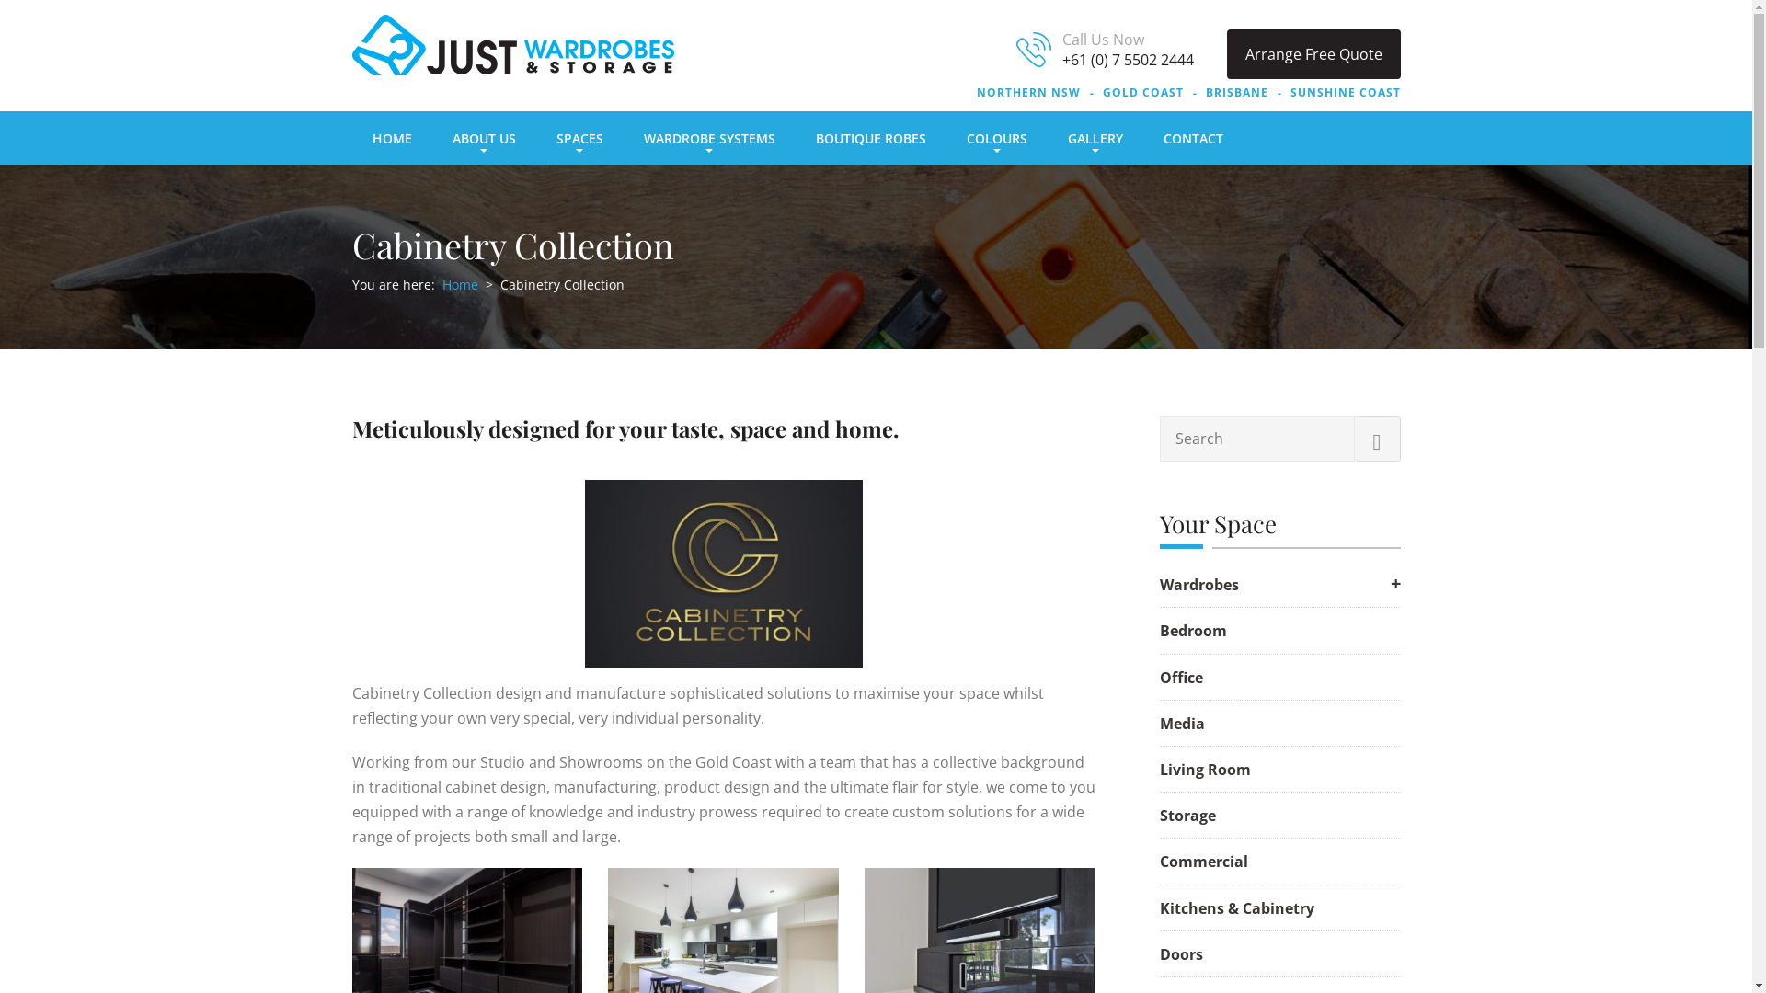  Describe the element at coordinates (795, 137) in the screenshot. I see `'BOUTIQUE ROBES'` at that location.